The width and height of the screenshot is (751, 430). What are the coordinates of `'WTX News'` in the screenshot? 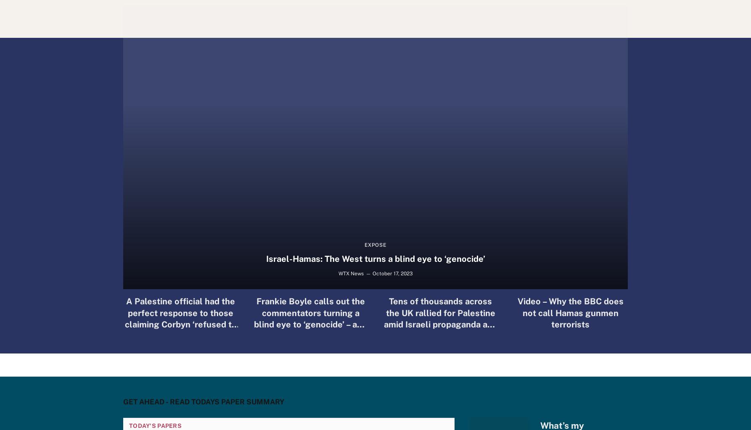 It's located at (350, 273).